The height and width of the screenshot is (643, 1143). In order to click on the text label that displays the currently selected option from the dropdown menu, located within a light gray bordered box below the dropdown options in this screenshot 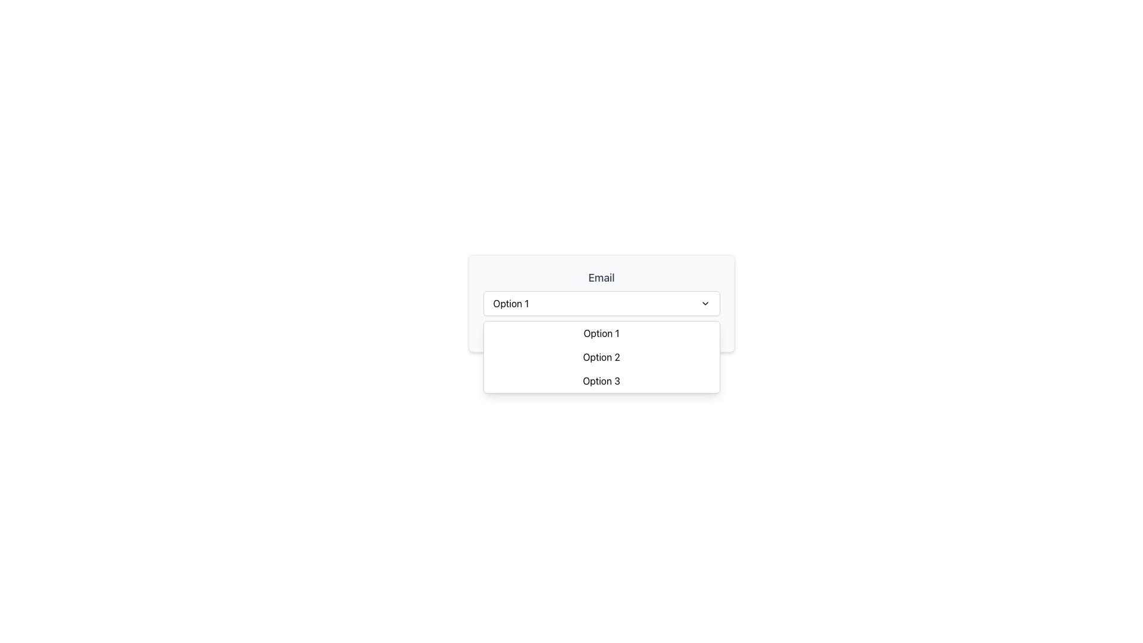, I will do `click(601, 331)`.